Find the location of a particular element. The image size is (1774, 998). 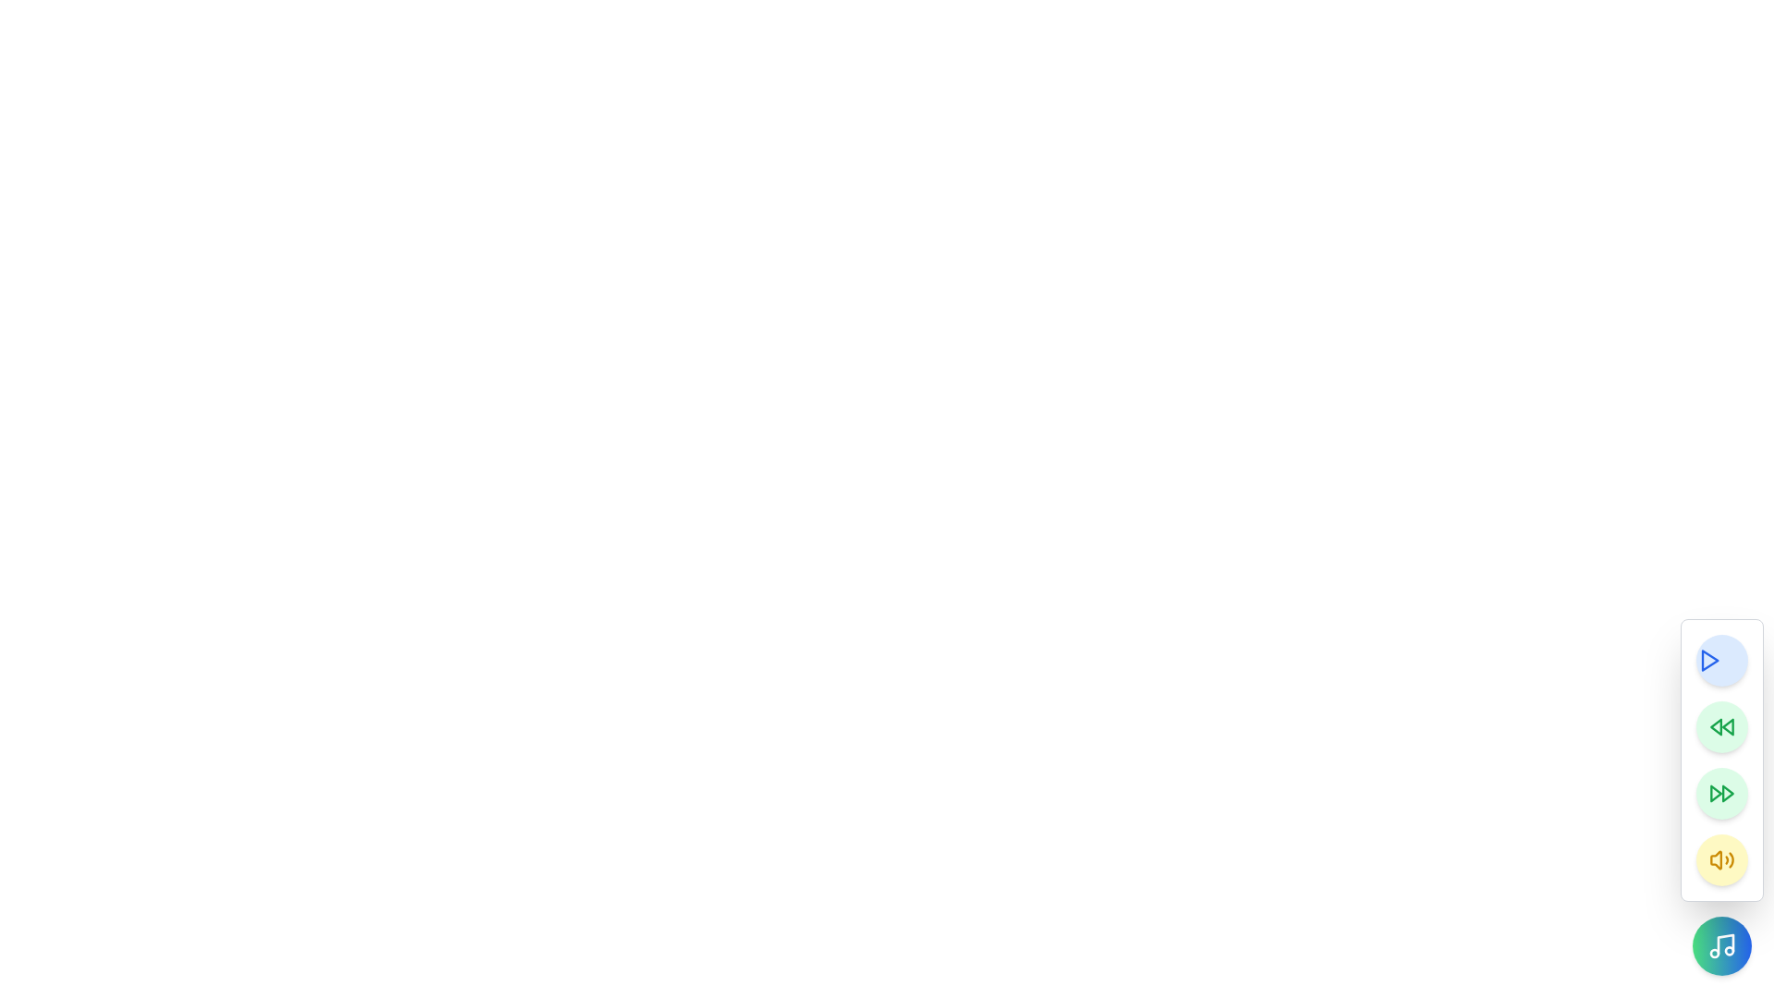

the fast-forward button, which is a green circular button featuring a two-triangle icon, located third from the top in a vertical menu of buttons is located at coordinates (1720, 793).